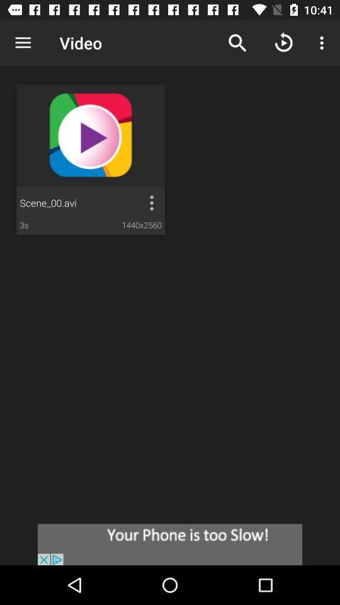 The image size is (340, 605). I want to click on the icon which is above the scene00avi option, so click(90, 135).